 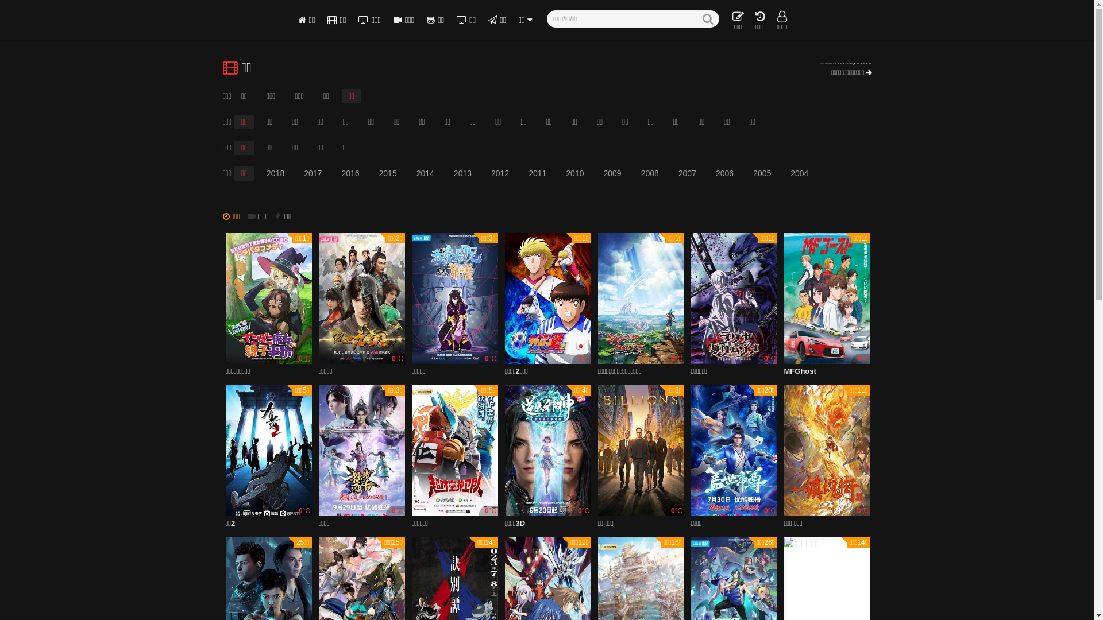 I want to click on '2012', so click(x=500, y=173).